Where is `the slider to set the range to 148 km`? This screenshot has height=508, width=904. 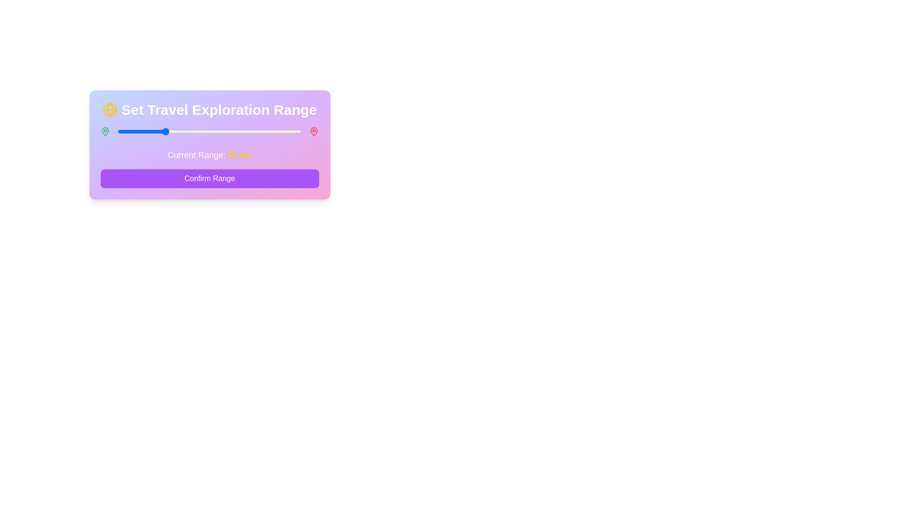 the slider to set the range to 148 km is located at coordinates (254, 132).